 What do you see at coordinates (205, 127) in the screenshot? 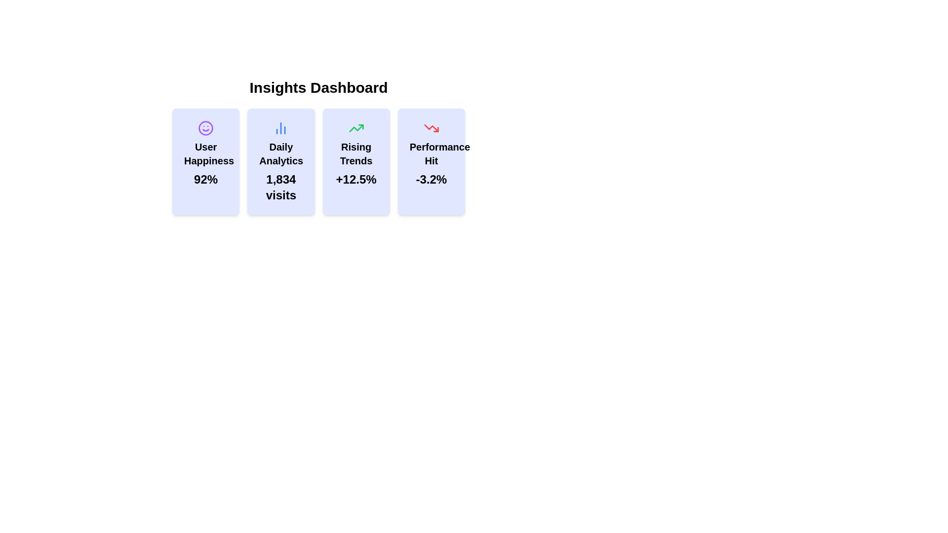
I see `the purple circular icon with a smiley face design, which is located at the top-center of the leftmost card in the second row of the dashboard layout, above the labels 'User Happiness' and '92%` at bounding box center [205, 127].